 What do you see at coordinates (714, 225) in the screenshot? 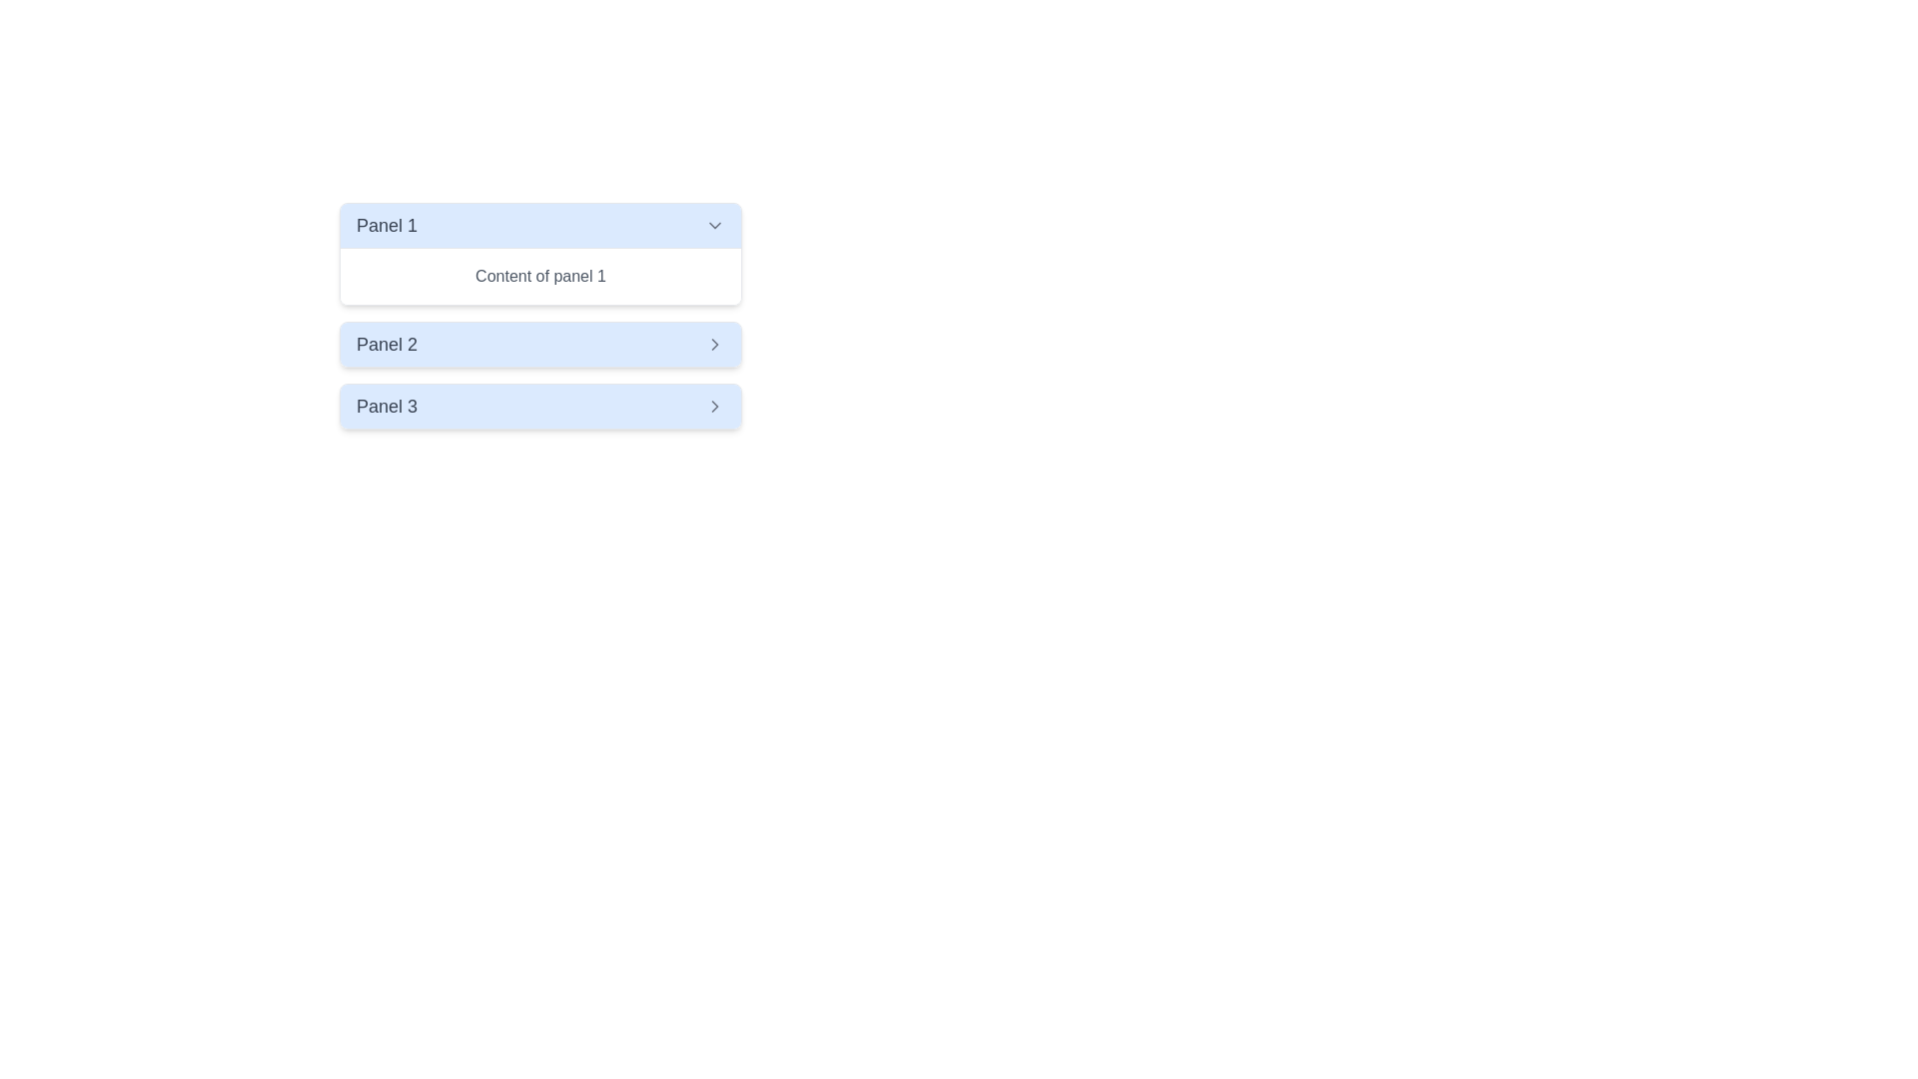
I see `the downward-pointing chevron icon in a circle, located at the top-right corner of 'Panel 1'` at bounding box center [714, 225].